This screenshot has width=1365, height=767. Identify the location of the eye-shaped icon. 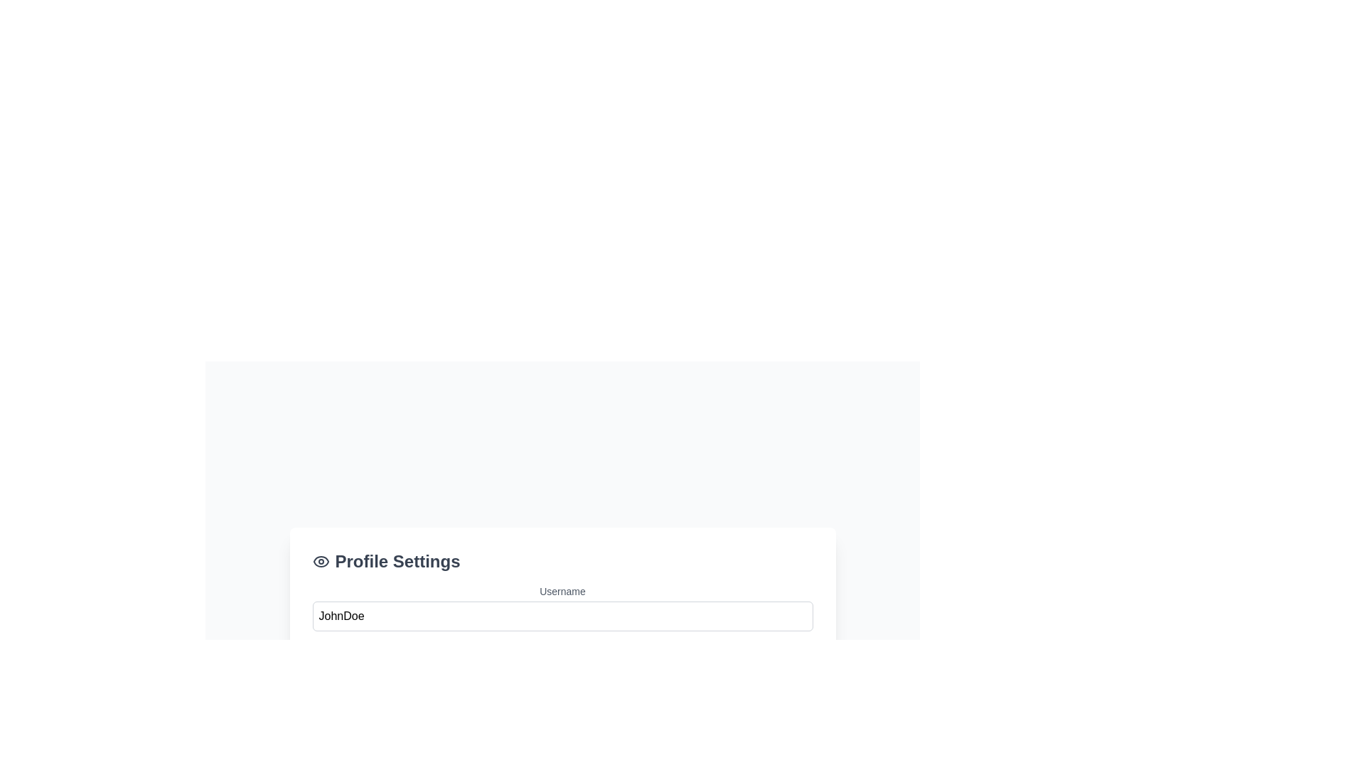
(320, 560).